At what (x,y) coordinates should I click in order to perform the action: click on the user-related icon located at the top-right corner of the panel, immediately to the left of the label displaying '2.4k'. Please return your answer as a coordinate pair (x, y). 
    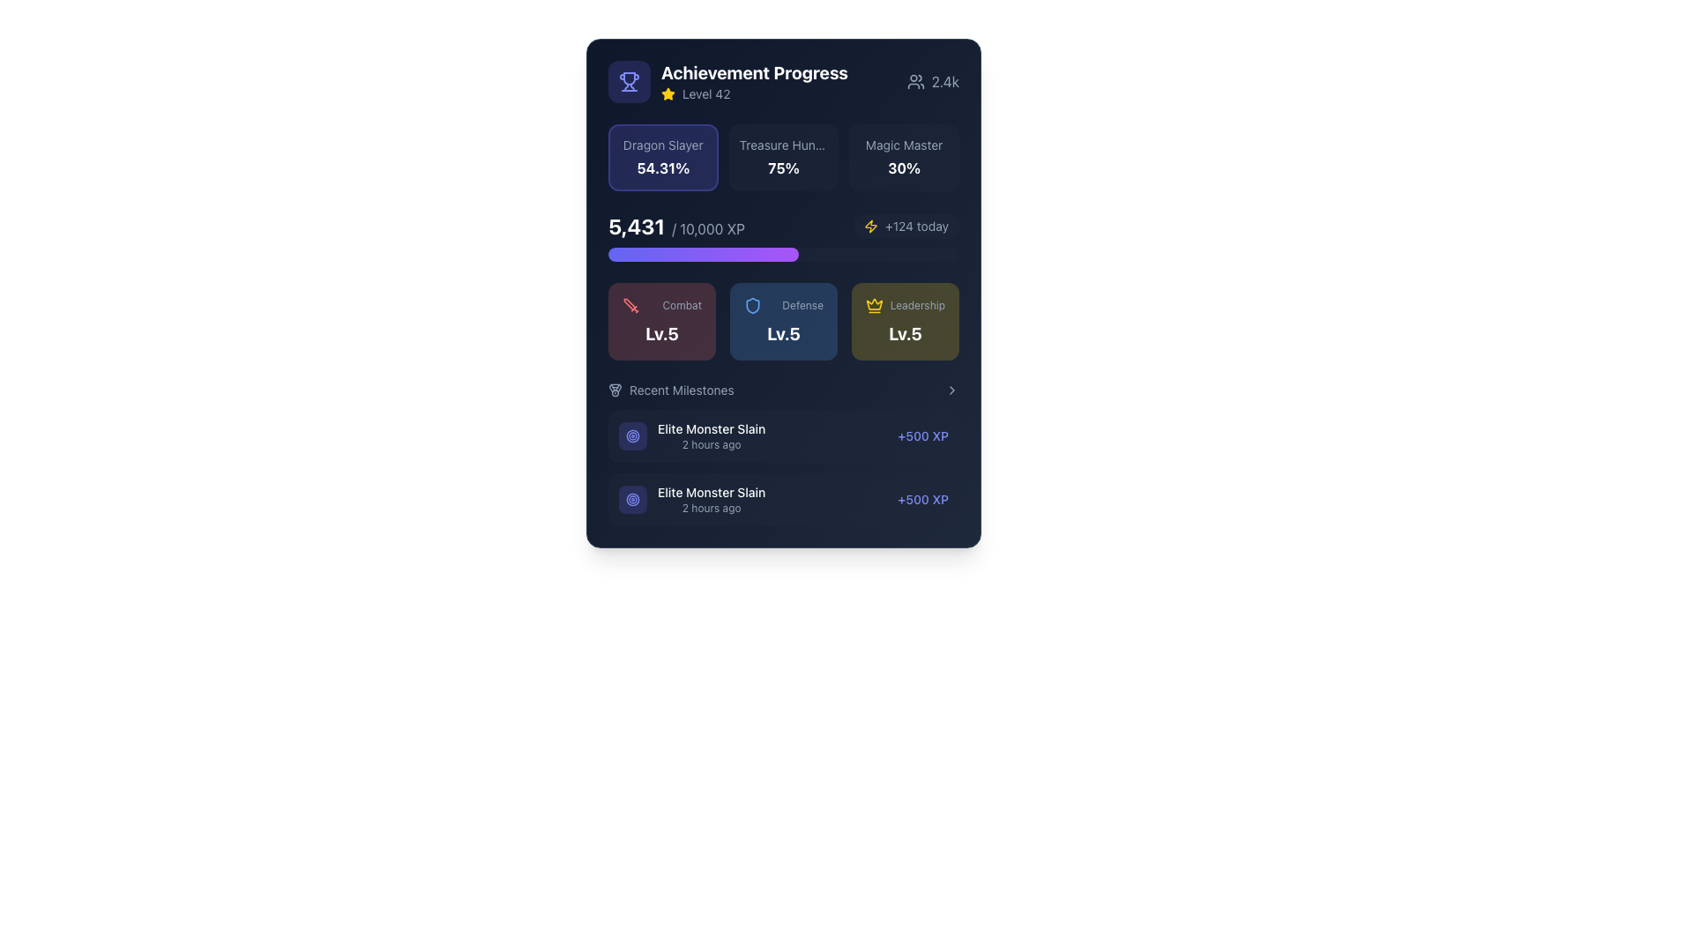
    Looking at the image, I should click on (915, 81).